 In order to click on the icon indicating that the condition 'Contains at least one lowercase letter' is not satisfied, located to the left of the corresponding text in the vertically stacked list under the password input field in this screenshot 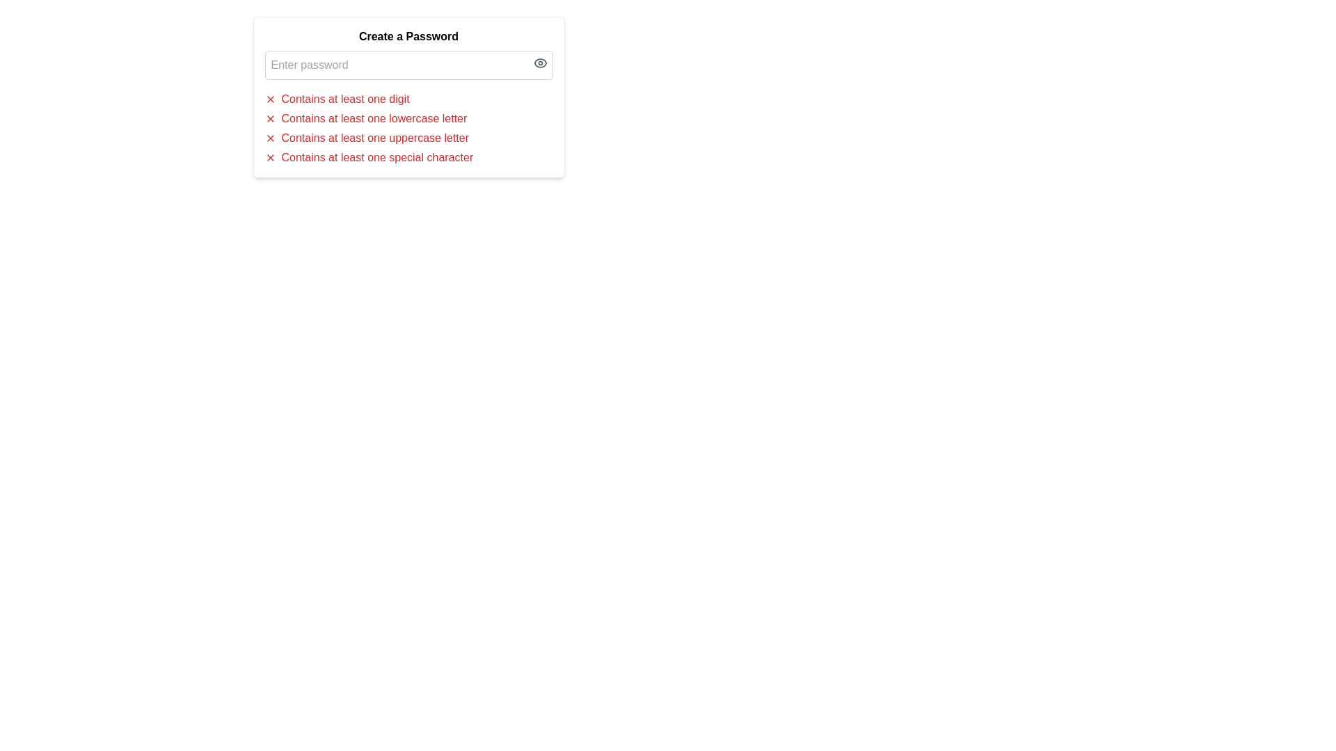, I will do `click(270, 118)`.